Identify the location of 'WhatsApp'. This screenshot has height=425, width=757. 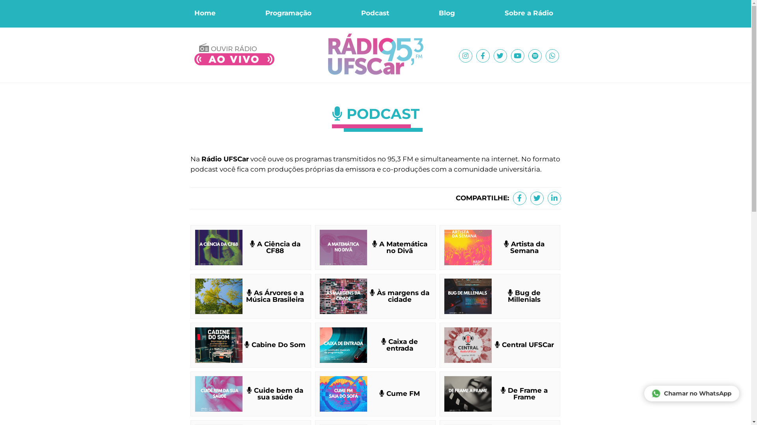
(545, 55).